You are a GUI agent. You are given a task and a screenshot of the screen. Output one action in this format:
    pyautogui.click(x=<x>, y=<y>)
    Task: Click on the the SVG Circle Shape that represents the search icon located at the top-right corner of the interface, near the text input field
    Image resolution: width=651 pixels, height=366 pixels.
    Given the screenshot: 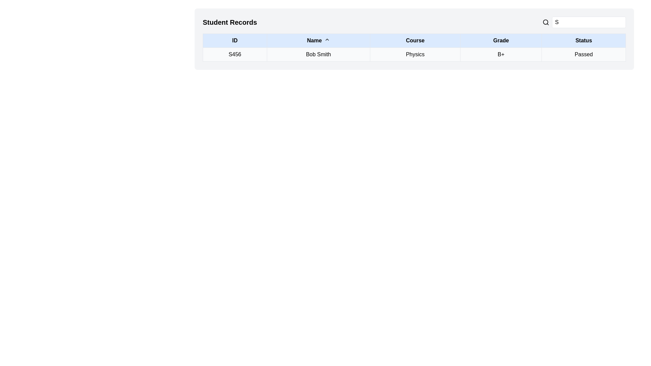 What is the action you would take?
    pyautogui.click(x=546, y=22)
    